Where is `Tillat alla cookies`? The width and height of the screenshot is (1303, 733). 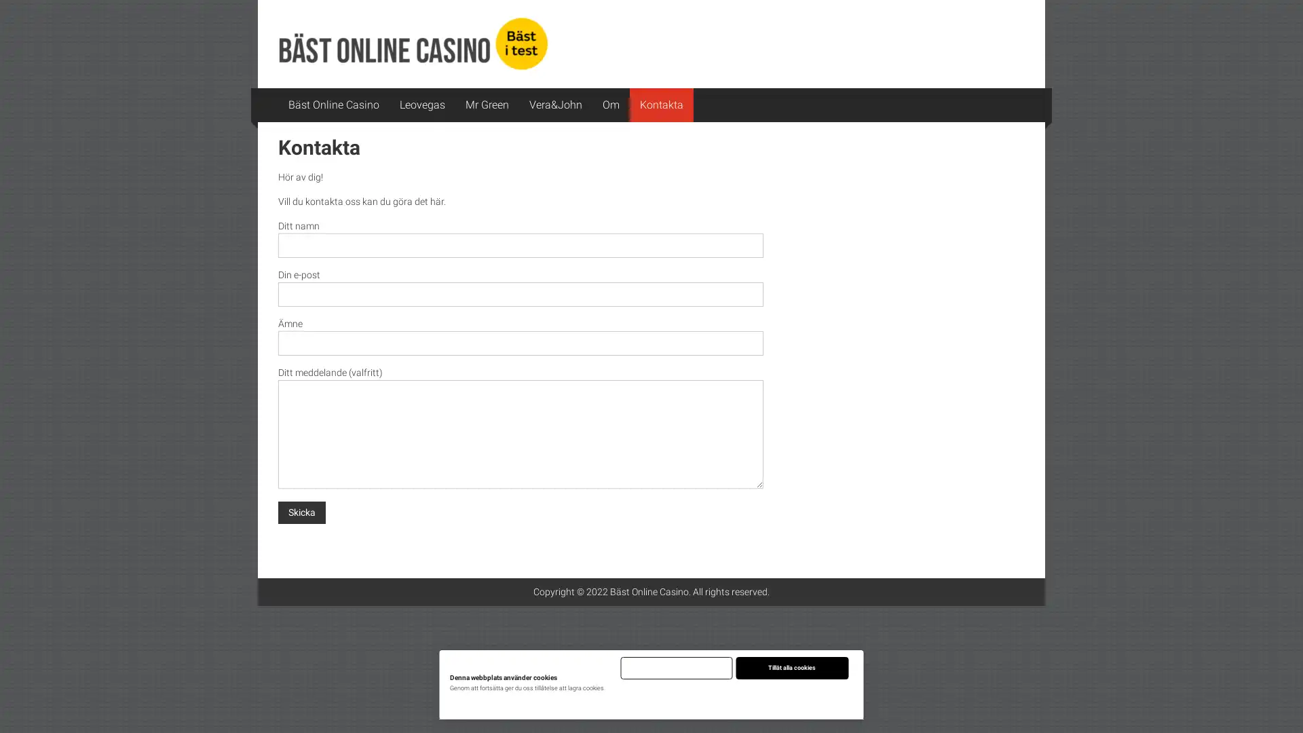 Tillat alla cookies is located at coordinates (791, 667).